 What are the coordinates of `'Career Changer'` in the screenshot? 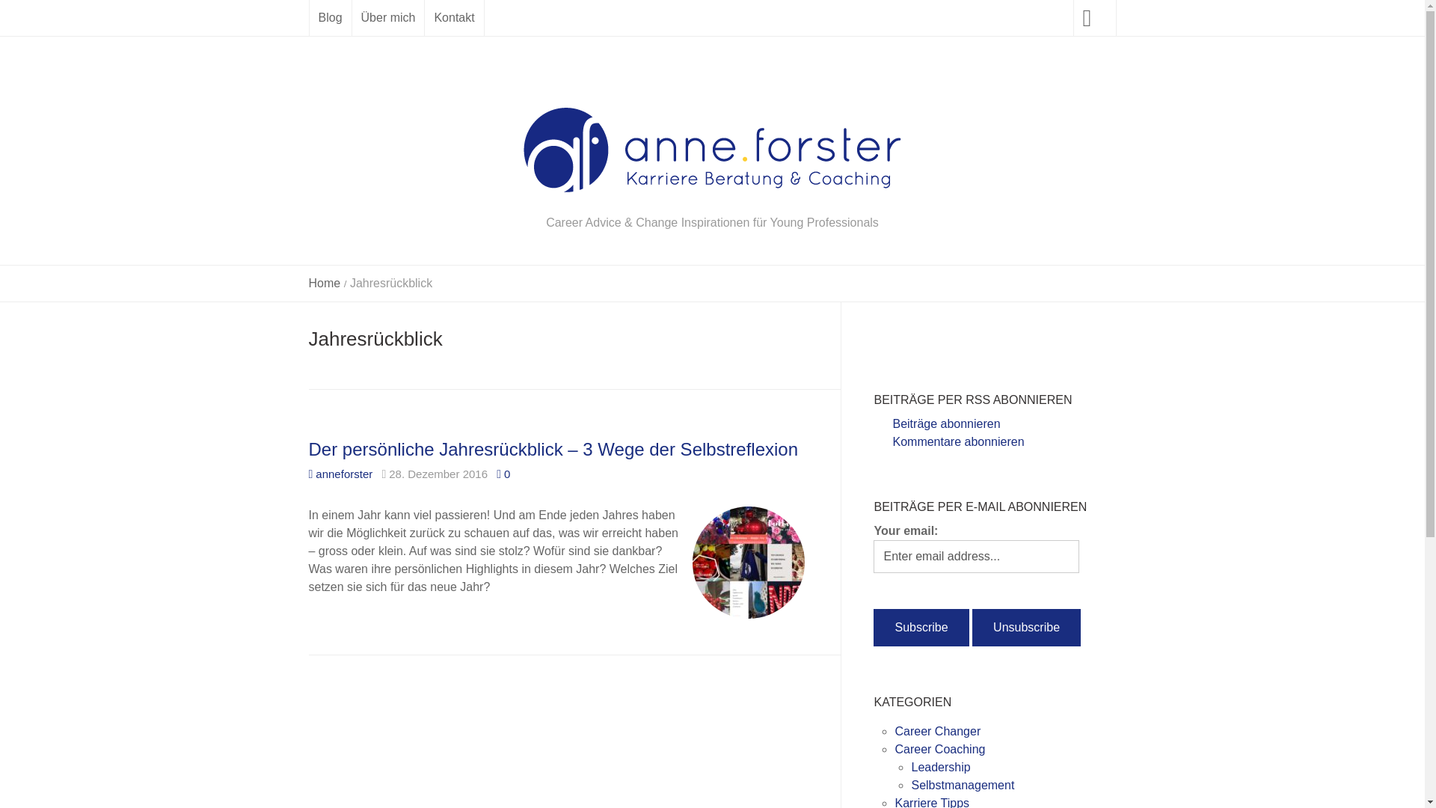 It's located at (894, 730).